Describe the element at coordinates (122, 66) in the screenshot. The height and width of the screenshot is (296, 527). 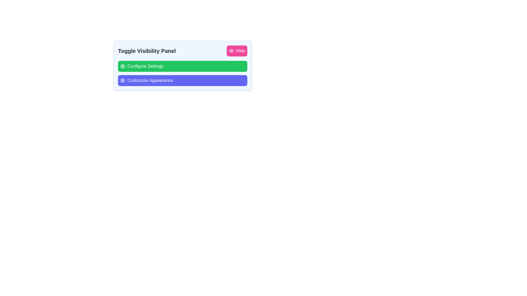
I see `the settings icon located to the left of the 'Configure Settings' label in the top green button area of the toggle visibility panel` at that location.